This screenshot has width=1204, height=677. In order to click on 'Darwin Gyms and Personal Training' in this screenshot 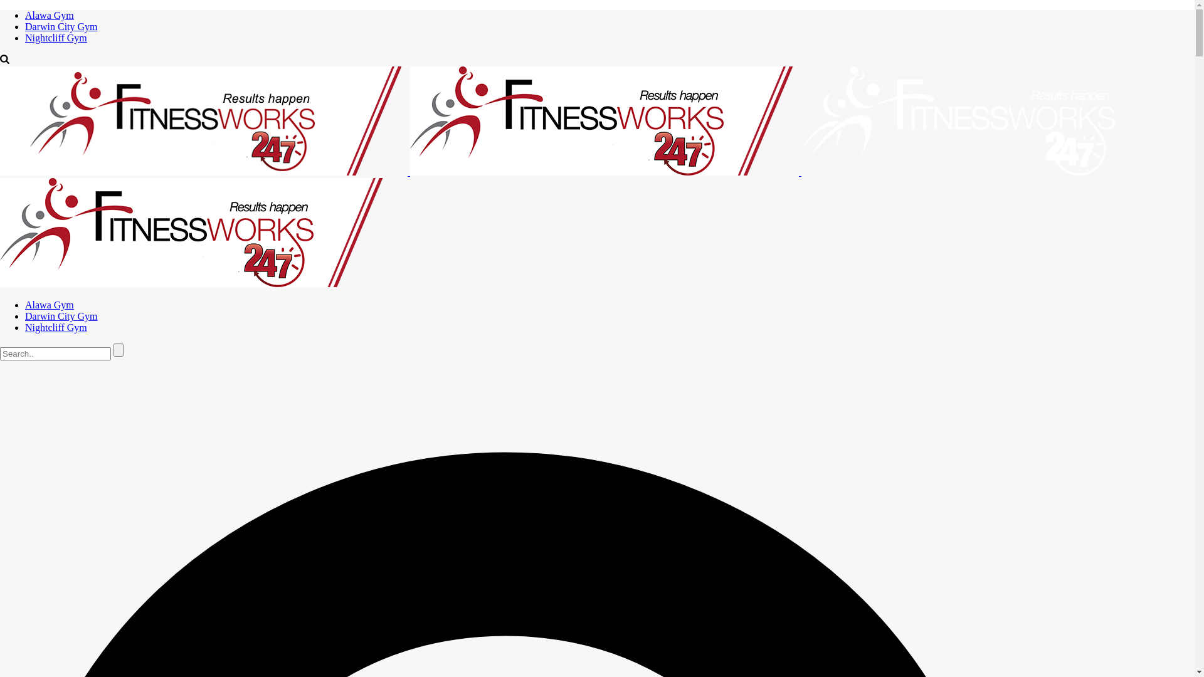, I will do `click(605, 120)`.